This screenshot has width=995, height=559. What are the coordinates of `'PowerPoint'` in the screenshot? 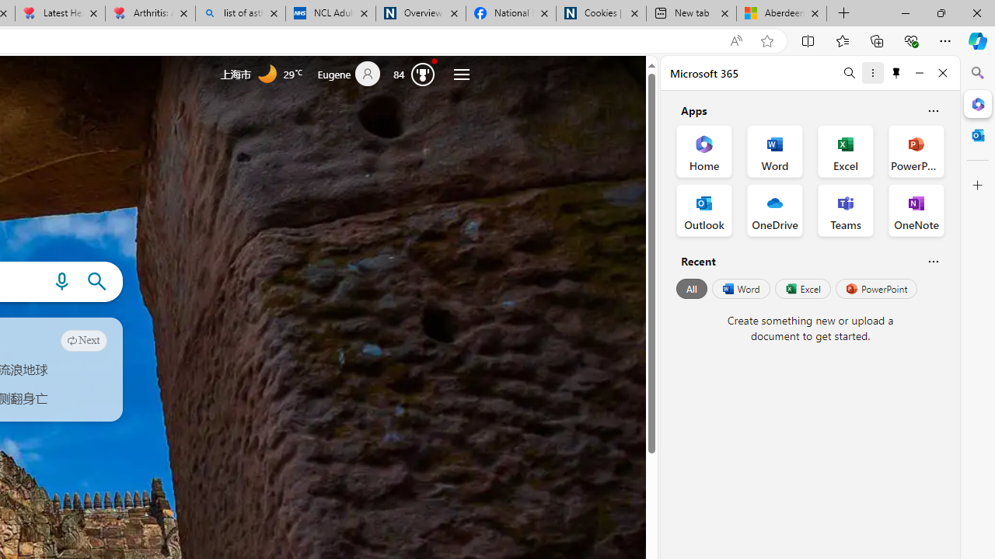 It's located at (876, 289).